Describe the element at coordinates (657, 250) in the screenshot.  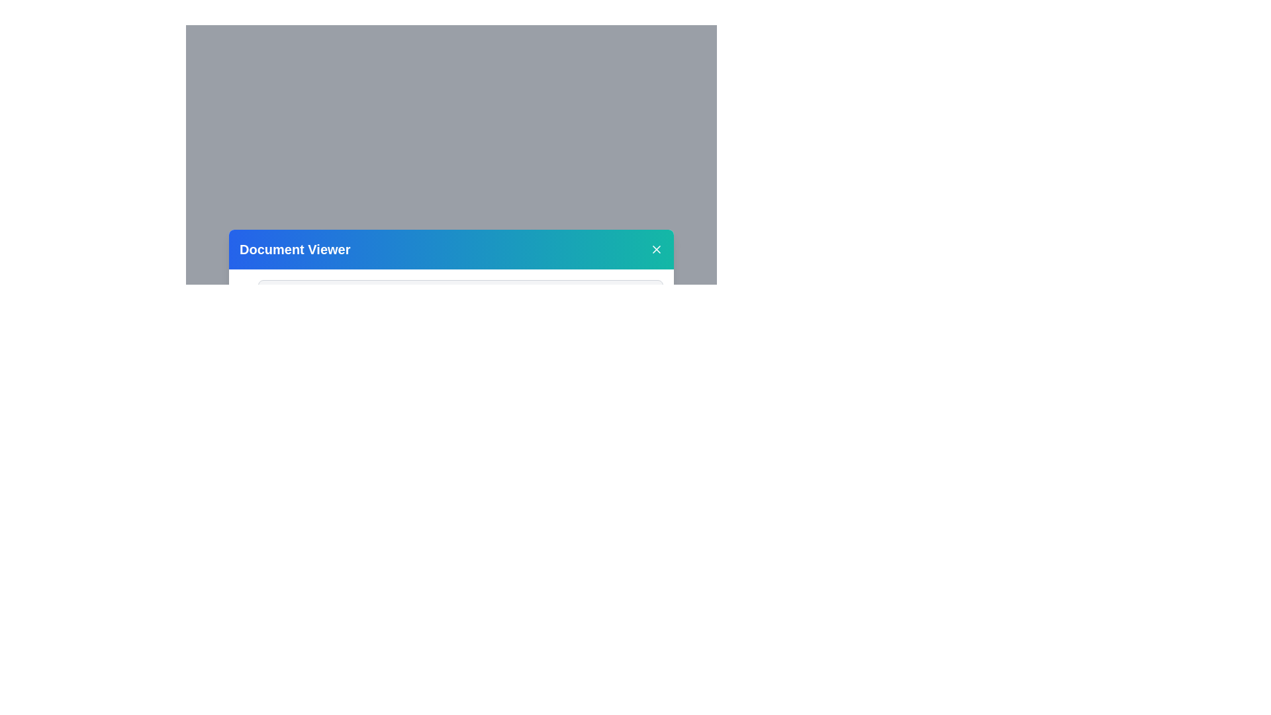
I see `close button to close the document viewer dialog` at that location.